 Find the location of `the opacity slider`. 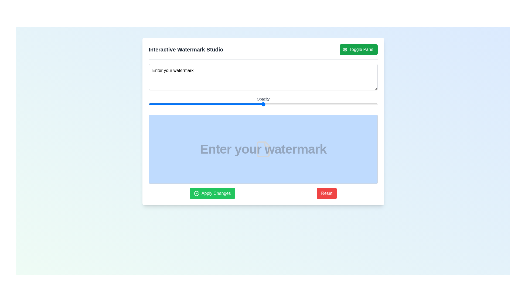

the opacity slider is located at coordinates (149, 104).